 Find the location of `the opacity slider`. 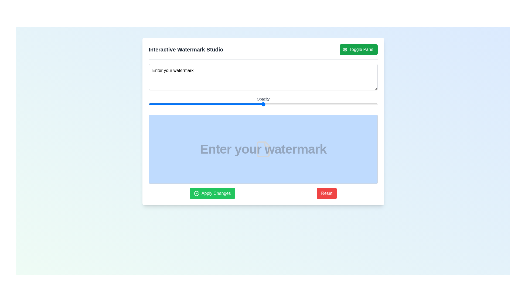

the opacity slider is located at coordinates (149, 104).